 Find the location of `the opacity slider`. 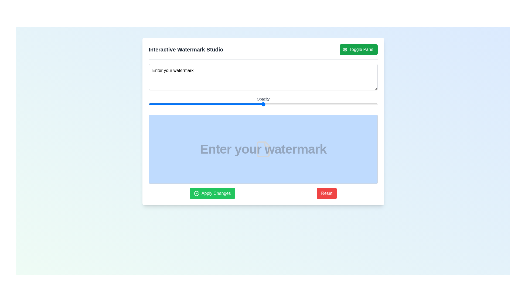

the opacity slider is located at coordinates (149, 104).